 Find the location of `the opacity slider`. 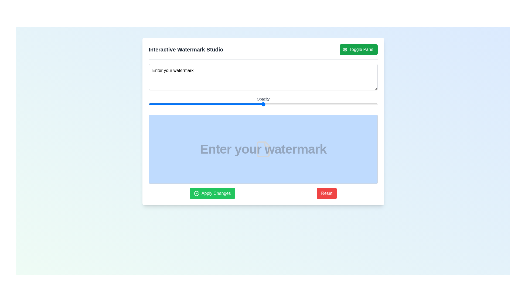

the opacity slider is located at coordinates (149, 104).